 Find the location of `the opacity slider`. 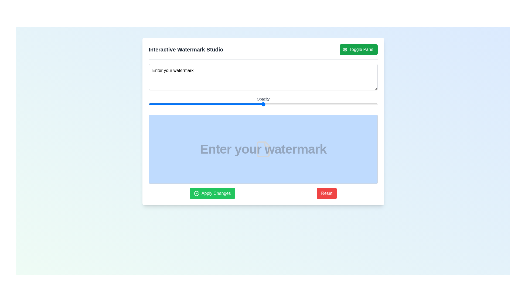

the opacity slider is located at coordinates (149, 104).